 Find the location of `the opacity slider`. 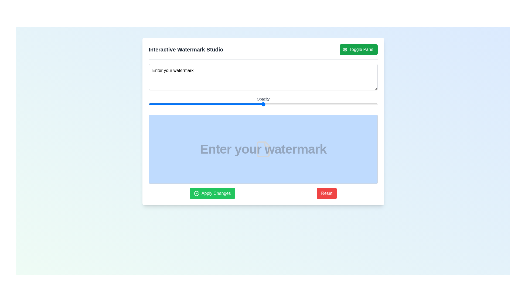

the opacity slider is located at coordinates (149, 104).